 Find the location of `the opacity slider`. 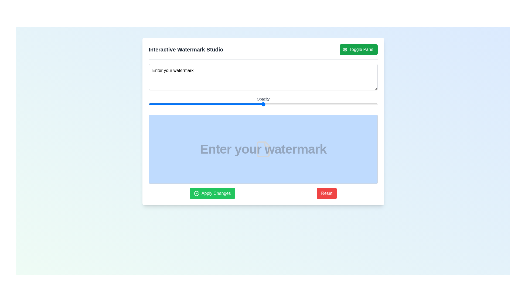

the opacity slider is located at coordinates (149, 104).